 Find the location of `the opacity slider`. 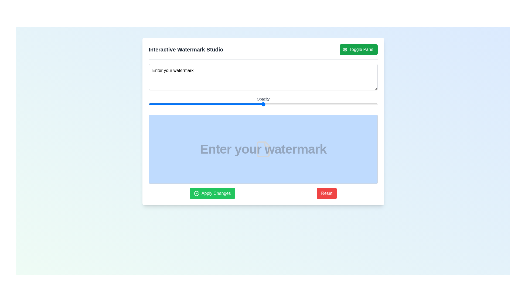

the opacity slider is located at coordinates (149, 104).